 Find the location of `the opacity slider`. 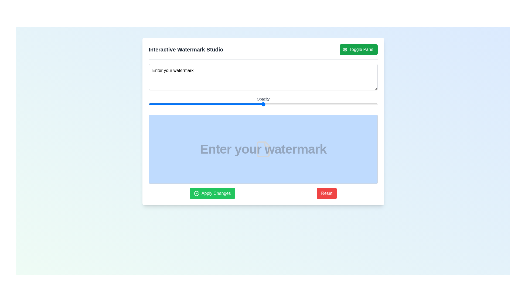

the opacity slider is located at coordinates (149, 104).